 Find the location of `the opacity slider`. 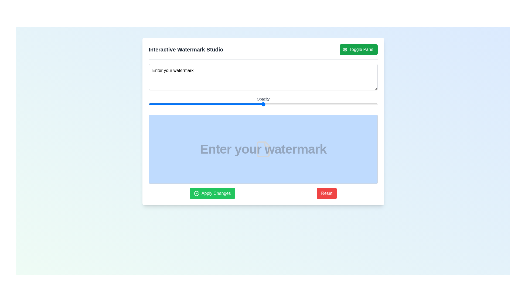

the opacity slider is located at coordinates (149, 104).